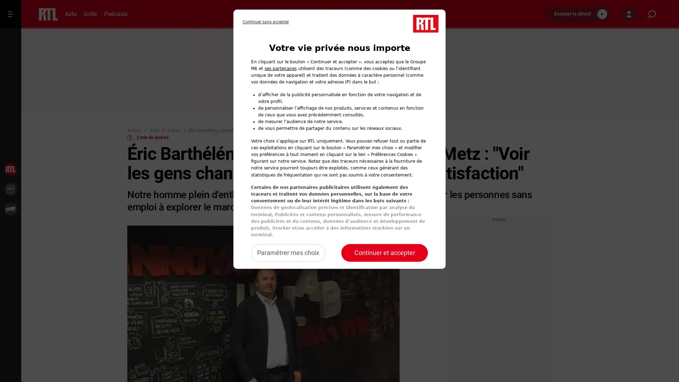 Image resolution: width=679 pixels, height=382 pixels. What do you see at coordinates (288, 252) in the screenshot?
I see `Configurer vos consentements` at bounding box center [288, 252].